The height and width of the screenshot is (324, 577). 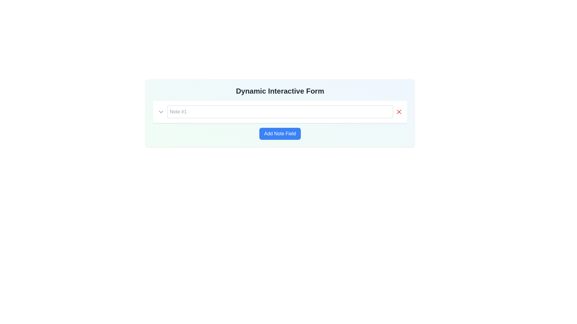 I want to click on the downwards-facing chevron icon, which is styled in light gray and located next to the 'Note #1' text field, so click(x=161, y=112).